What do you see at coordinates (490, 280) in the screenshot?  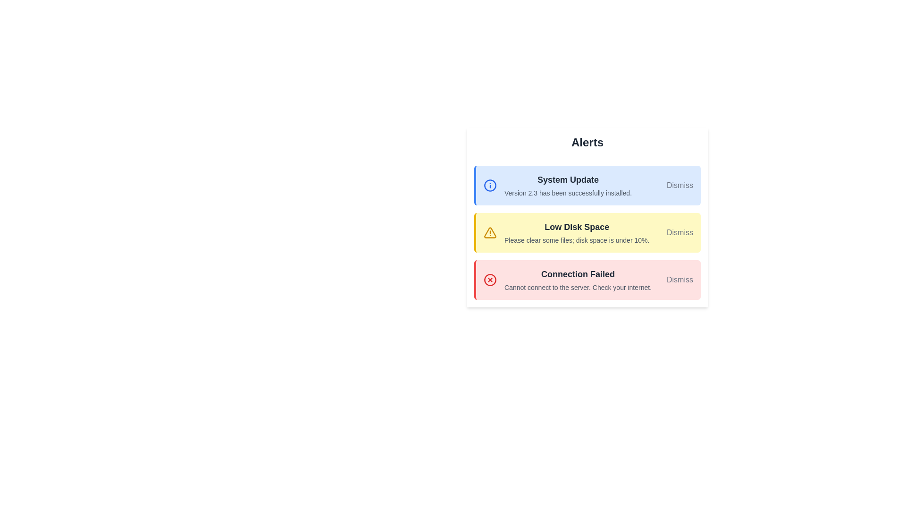 I see `the visual error indicator icon located to the left of the 'Connection Failed' alert message` at bounding box center [490, 280].